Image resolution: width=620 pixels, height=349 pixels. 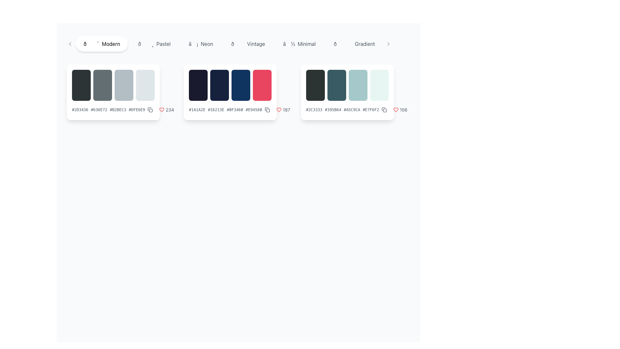 What do you see at coordinates (347, 85) in the screenshot?
I see `the rightmost color palette card in the horizontally-scrollable list` at bounding box center [347, 85].